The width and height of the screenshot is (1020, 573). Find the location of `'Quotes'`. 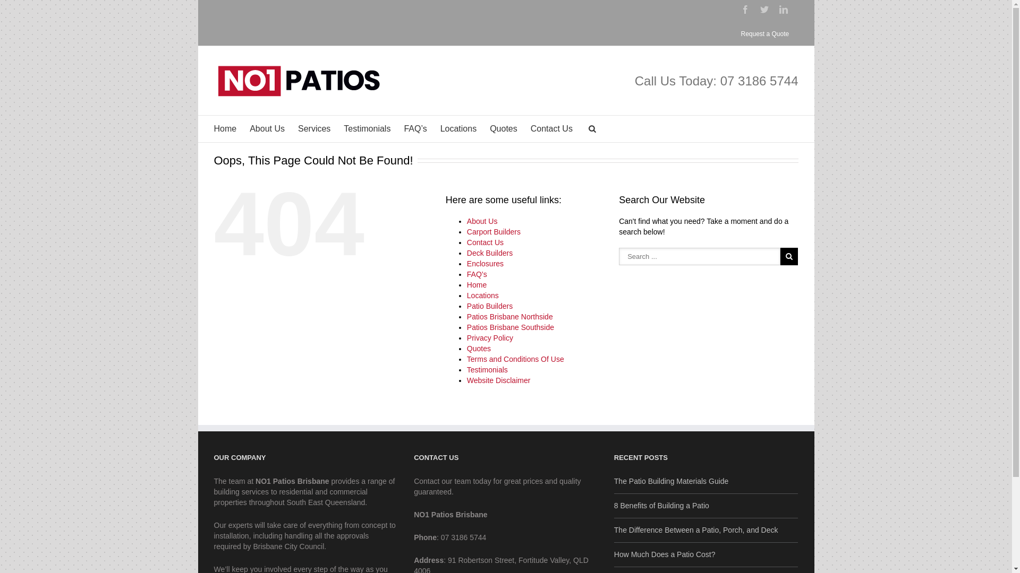

'Quotes' is located at coordinates (503, 128).